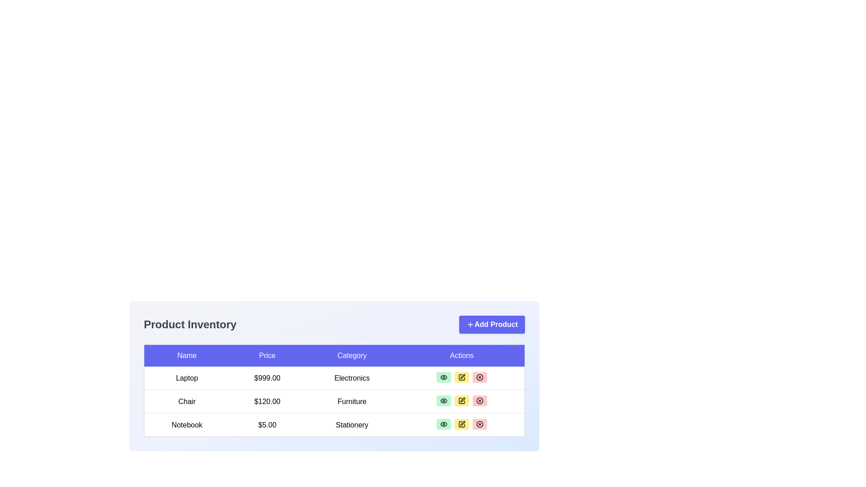 This screenshot has width=866, height=487. Describe the element at coordinates (479, 424) in the screenshot. I see `the delete button located in the 'Actions' column of the 'Product Inventory' table for the 'Stationery' category to initiate the deletion process for the associated product` at that location.